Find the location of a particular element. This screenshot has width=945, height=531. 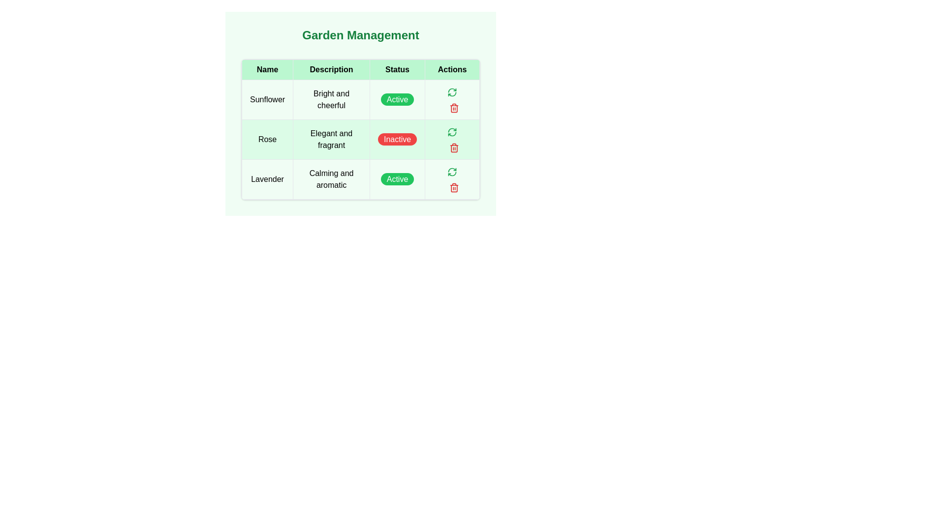

the static text label in the second row of the table under the 'Description' column, which provides information about the 'Rose' item is located at coordinates (331, 140).